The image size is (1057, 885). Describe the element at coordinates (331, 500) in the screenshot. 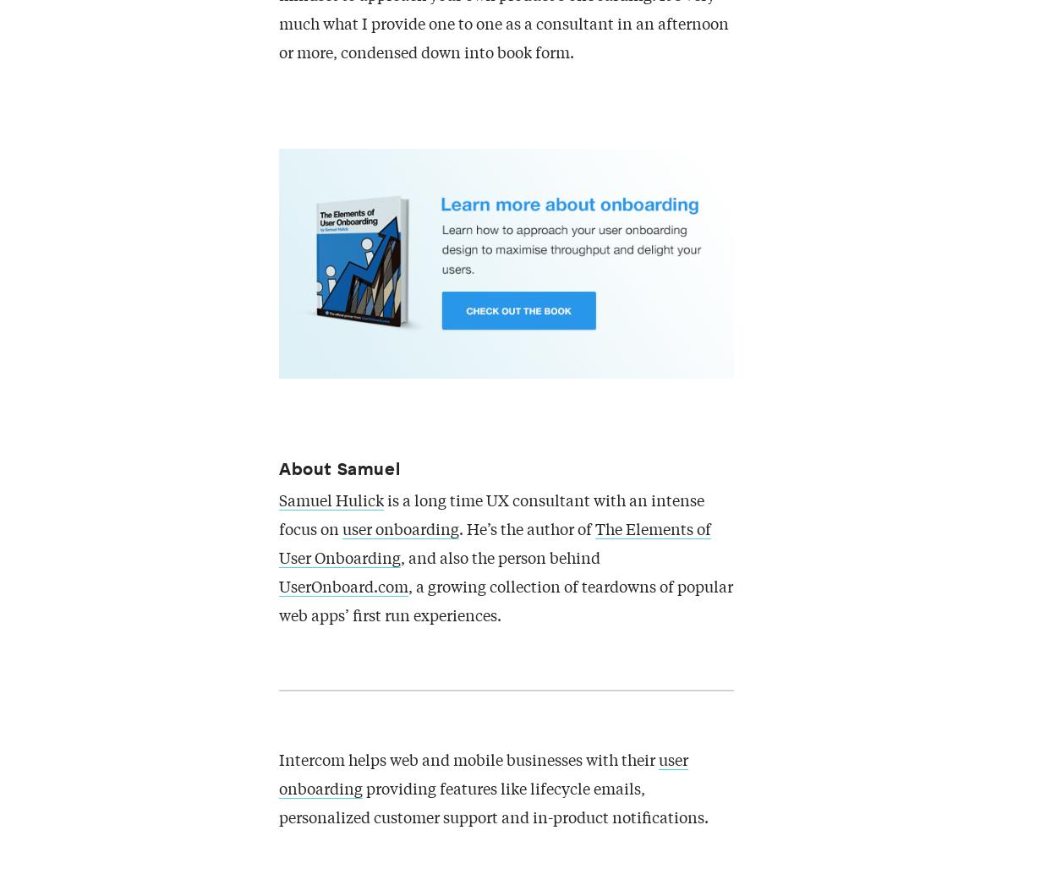

I see `'Samuel Hulick'` at that location.